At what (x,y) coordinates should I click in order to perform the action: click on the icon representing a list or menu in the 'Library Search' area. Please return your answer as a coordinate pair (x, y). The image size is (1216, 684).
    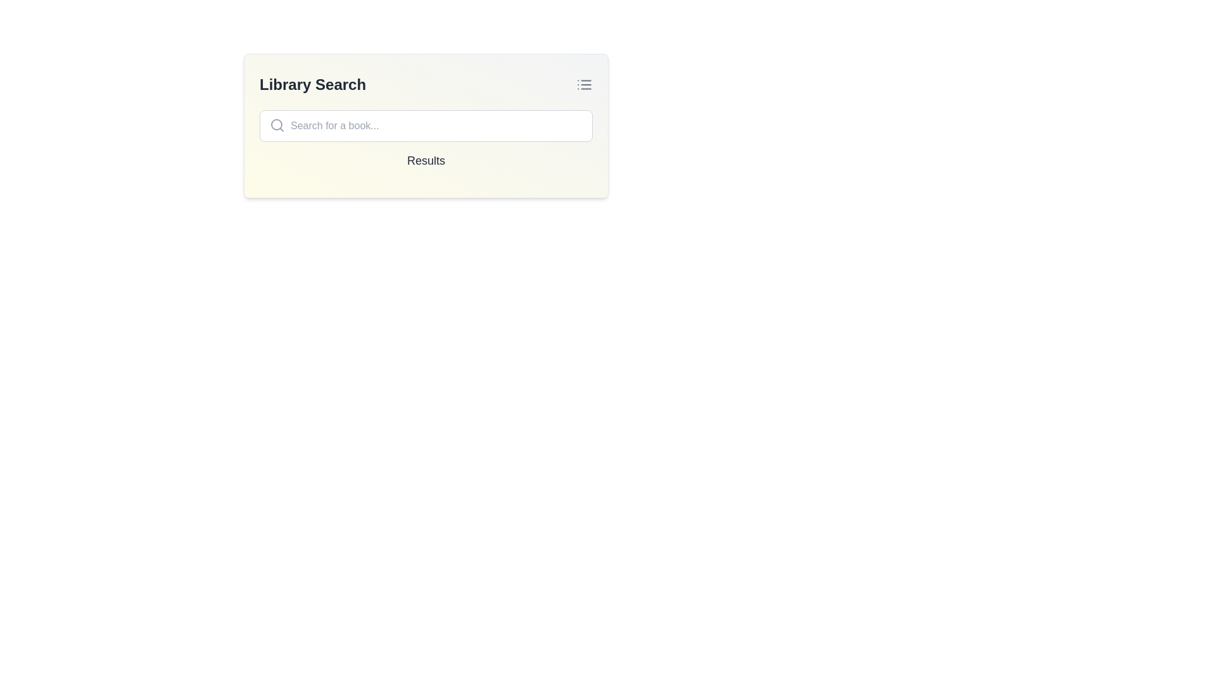
    Looking at the image, I should click on (583, 85).